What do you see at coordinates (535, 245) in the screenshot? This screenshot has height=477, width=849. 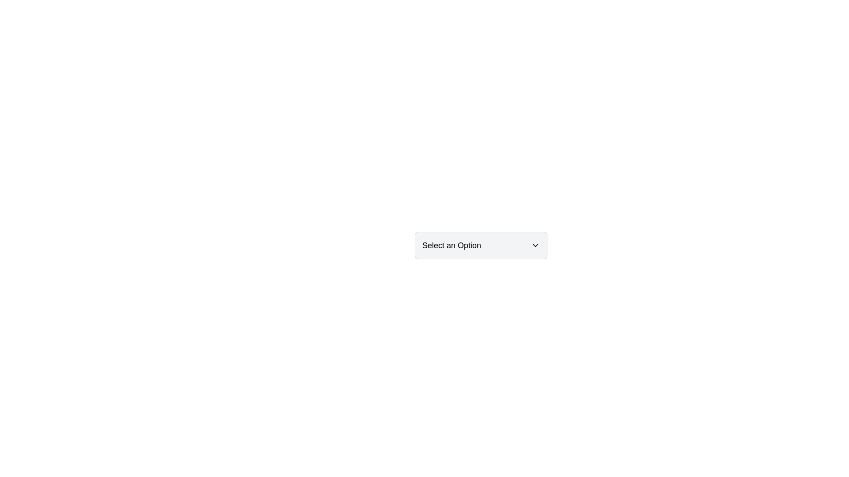 I see `the Dropdown indicator (SVG icon) located to the right of the 'Select an Option' text label` at bounding box center [535, 245].